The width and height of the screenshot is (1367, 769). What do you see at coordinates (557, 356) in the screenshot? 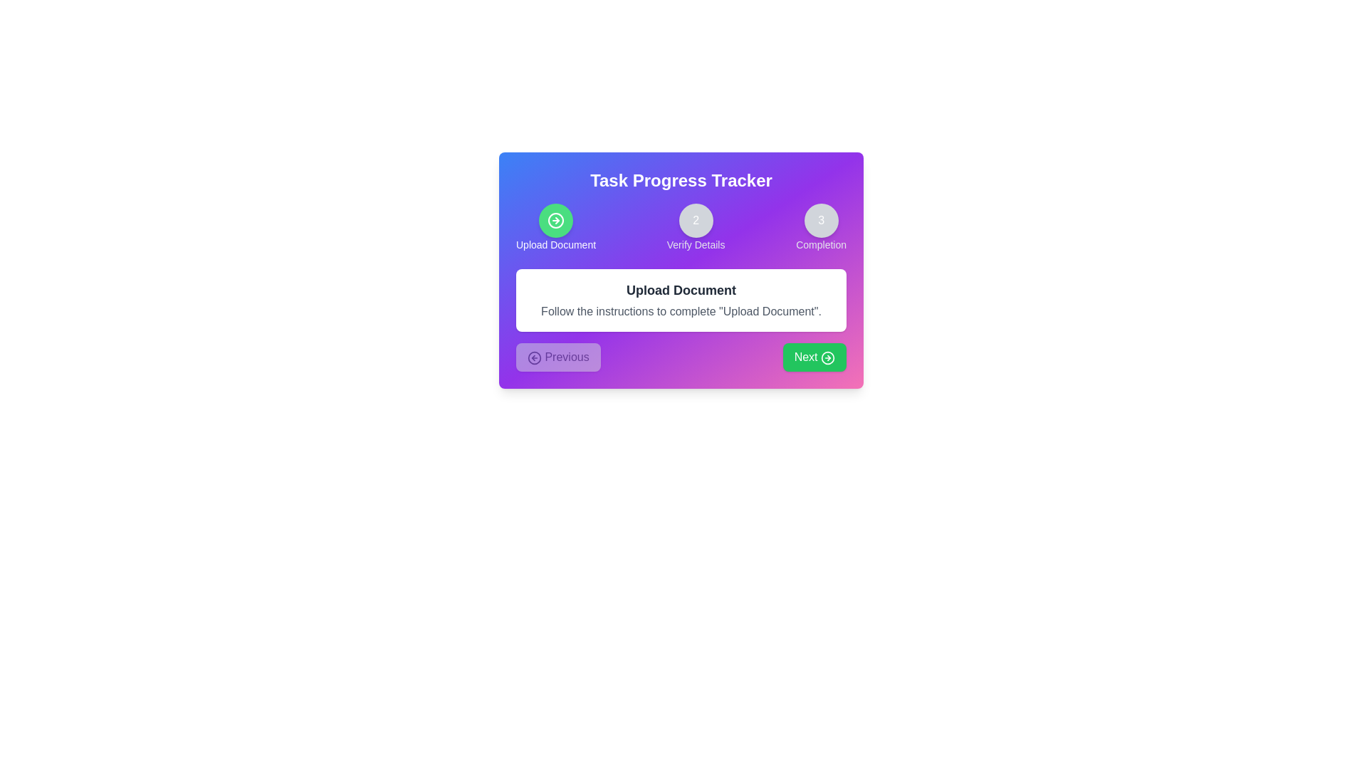
I see `the button labeled Previous to observe visual feedback` at bounding box center [557, 356].